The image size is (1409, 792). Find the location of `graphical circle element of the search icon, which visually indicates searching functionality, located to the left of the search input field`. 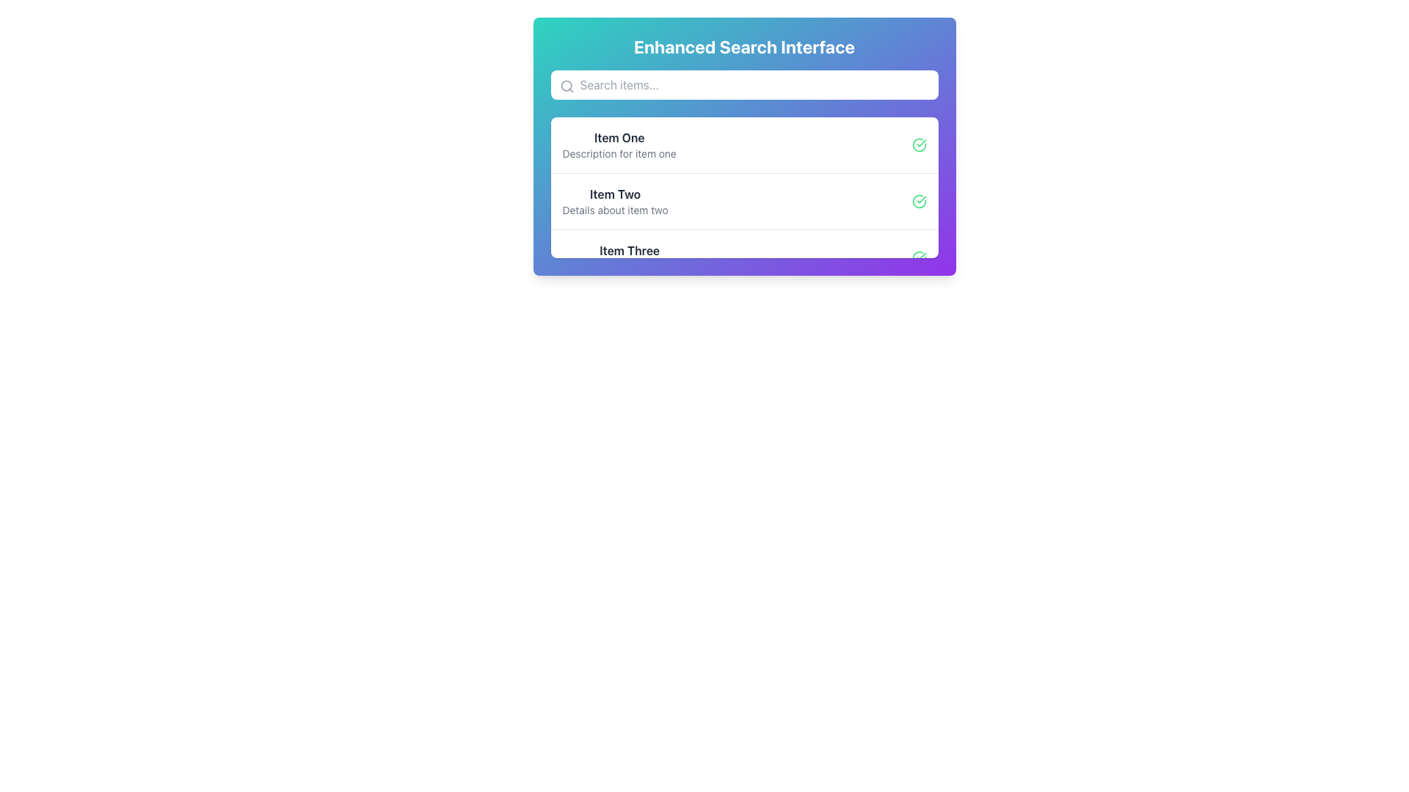

graphical circle element of the search icon, which visually indicates searching functionality, located to the left of the search input field is located at coordinates (565, 86).